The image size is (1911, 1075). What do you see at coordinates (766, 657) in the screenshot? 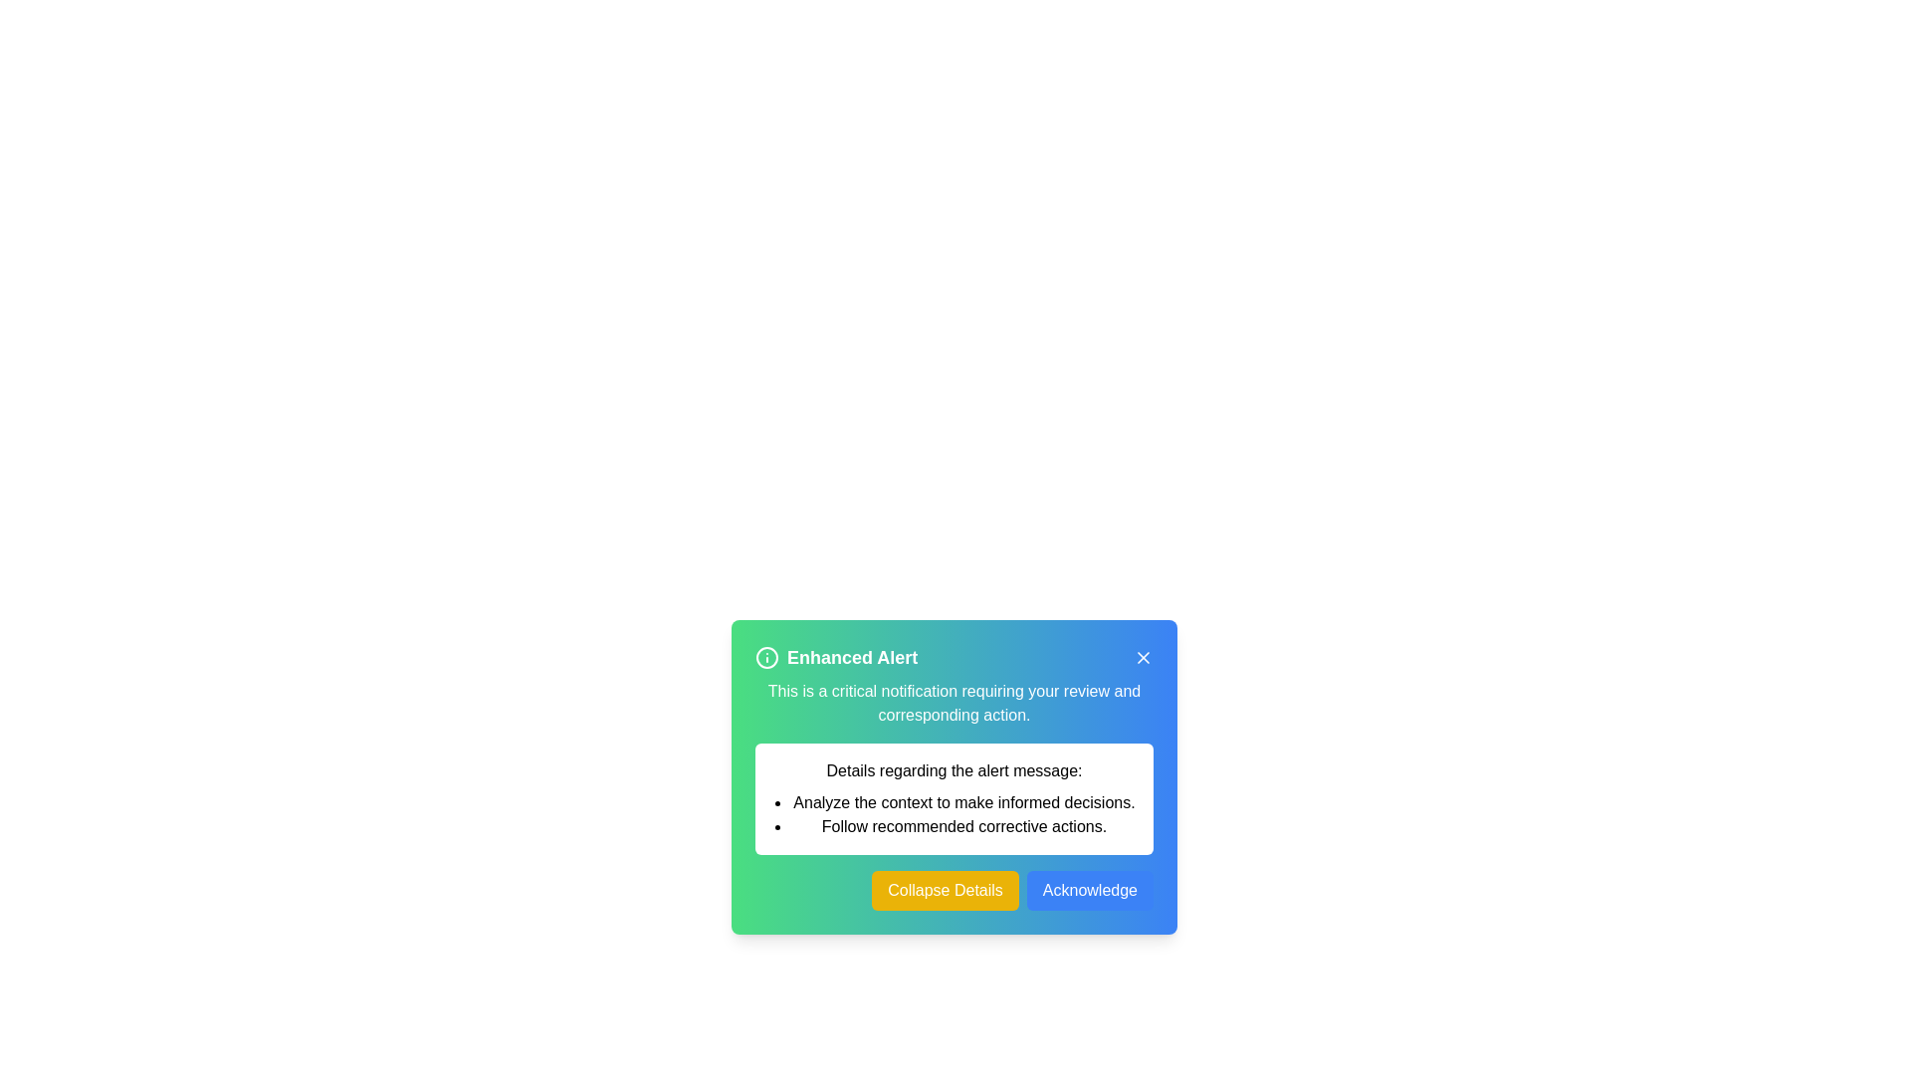
I see `the Information Icon, which is a circular icon with a white outline and an 'i' character on a green background, located to the left of the 'Enhanced Alert' text in the header section of a notification box` at bounding box center [766, 657].